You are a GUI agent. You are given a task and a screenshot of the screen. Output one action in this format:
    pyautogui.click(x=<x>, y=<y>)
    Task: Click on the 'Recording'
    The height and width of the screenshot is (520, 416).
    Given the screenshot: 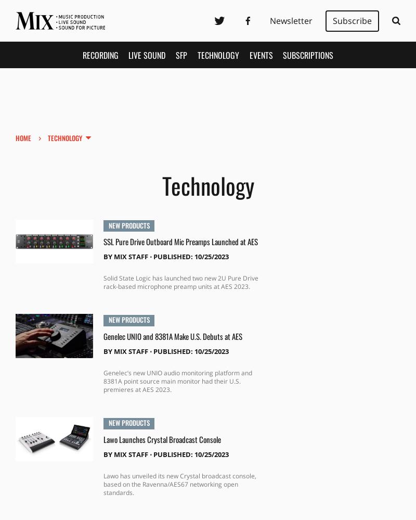 What is the action you would take?
    pyautogui.click(x=99, y=54)
    